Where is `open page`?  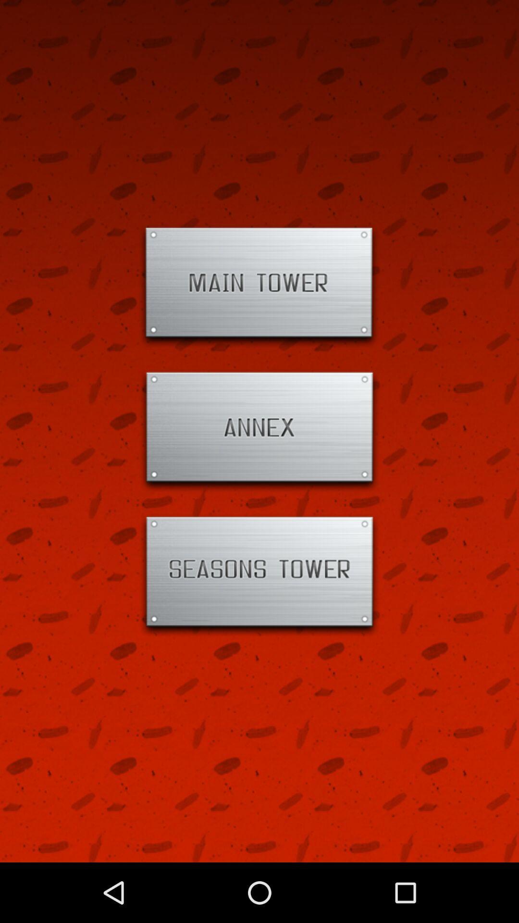 open page is located at coordinates (259, 286).